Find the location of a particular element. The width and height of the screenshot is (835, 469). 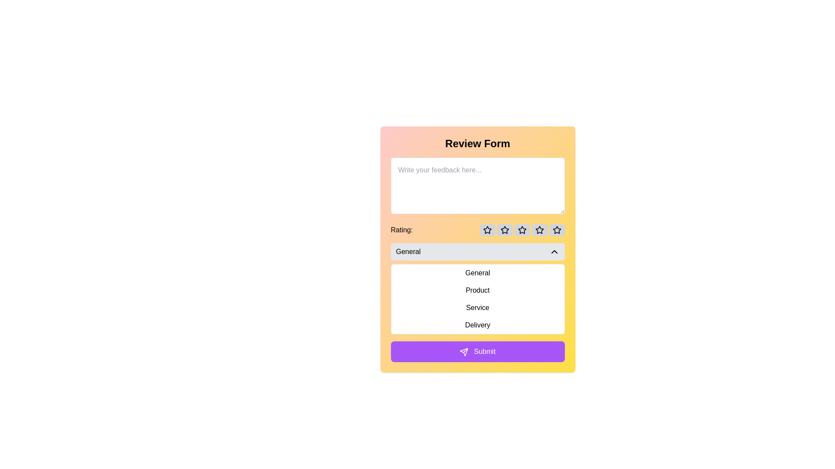

the fifth star icon in the rating system located below the 'Rating:' label in the 'Review Form' section is located at coordinates (539, 229).